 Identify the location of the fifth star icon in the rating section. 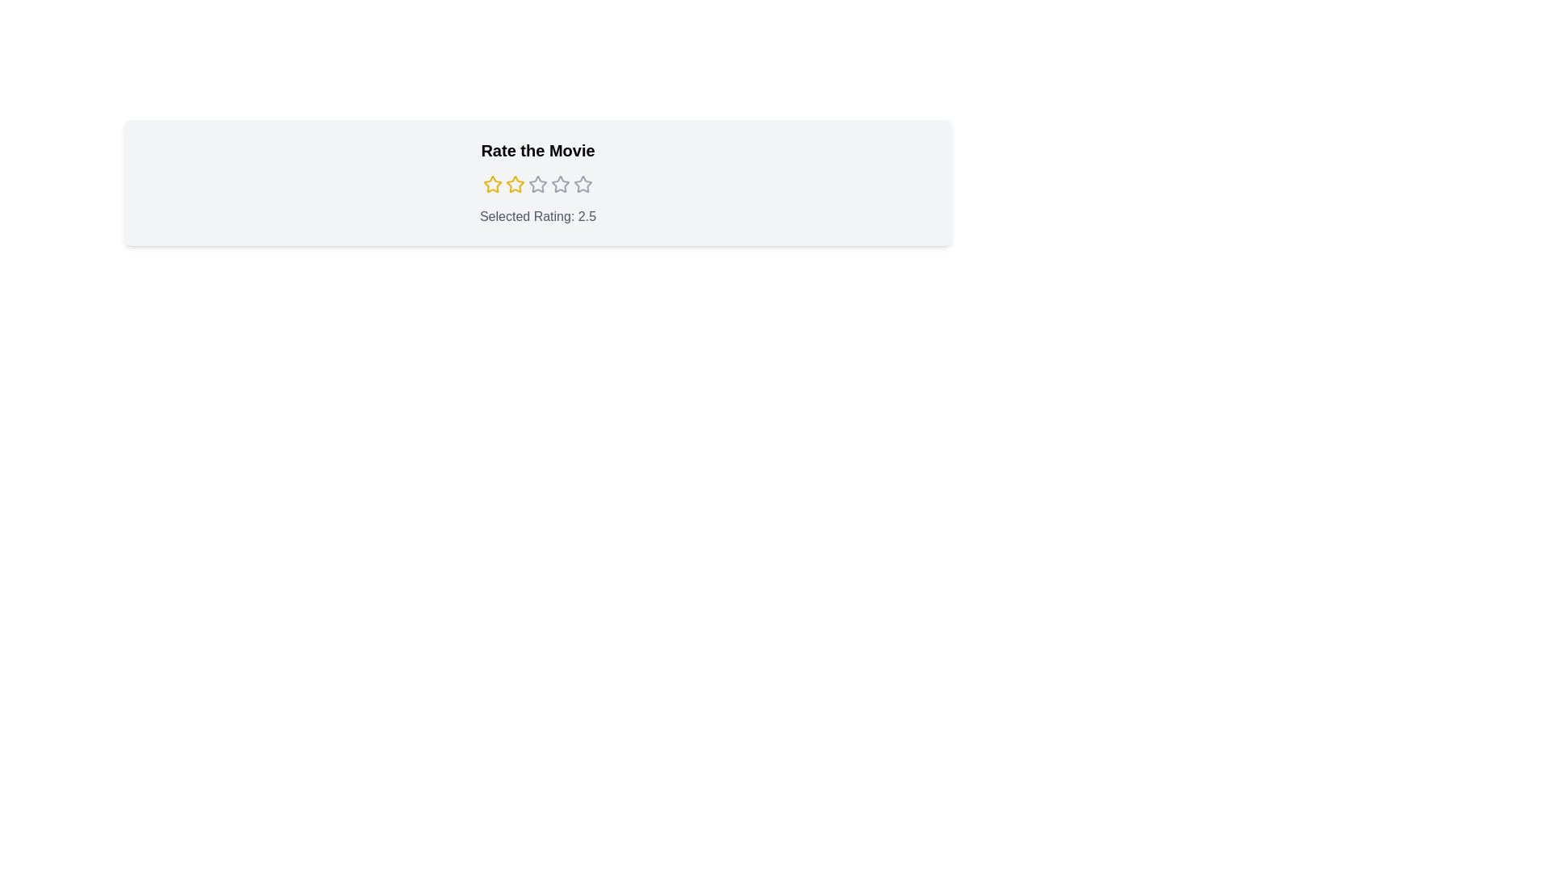
(582, 183).